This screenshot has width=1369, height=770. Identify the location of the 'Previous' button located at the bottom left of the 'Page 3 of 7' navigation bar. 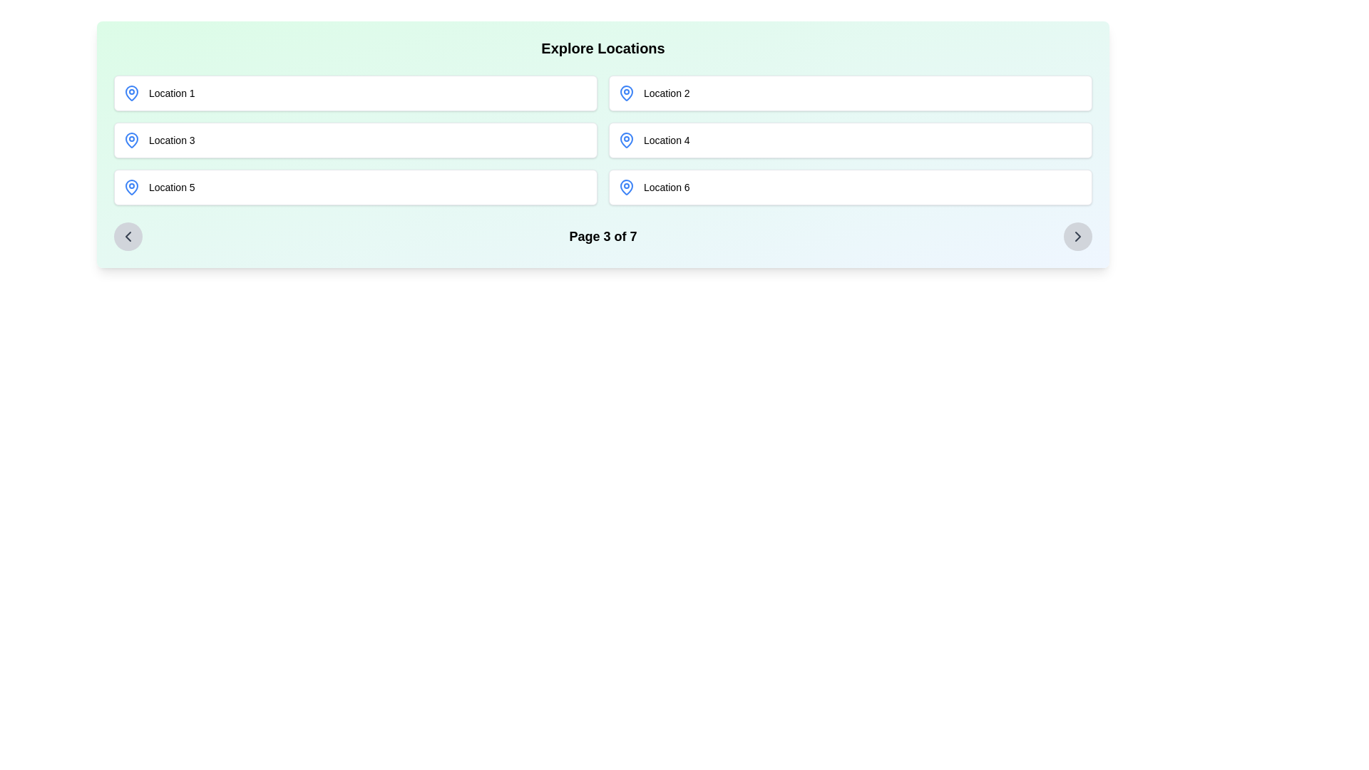
(128, 235).